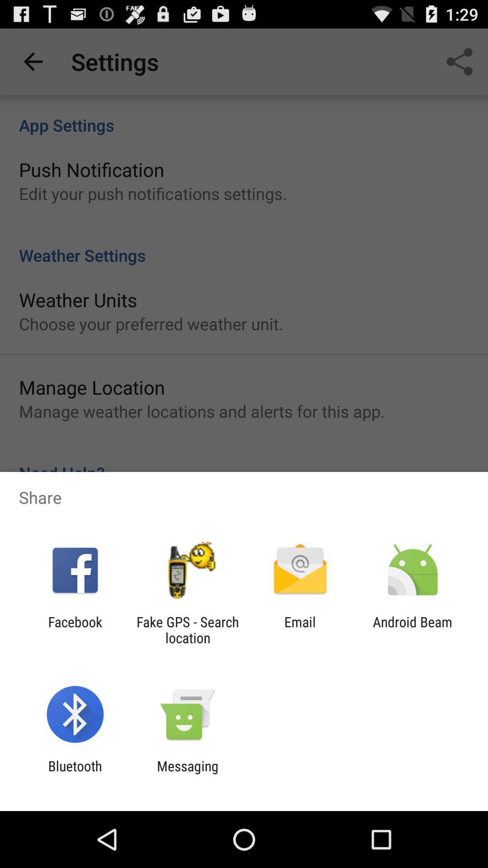 Image resolution: width=488 pixels, height=868 pixels. I want to click on messaging app, so click(187, 774).